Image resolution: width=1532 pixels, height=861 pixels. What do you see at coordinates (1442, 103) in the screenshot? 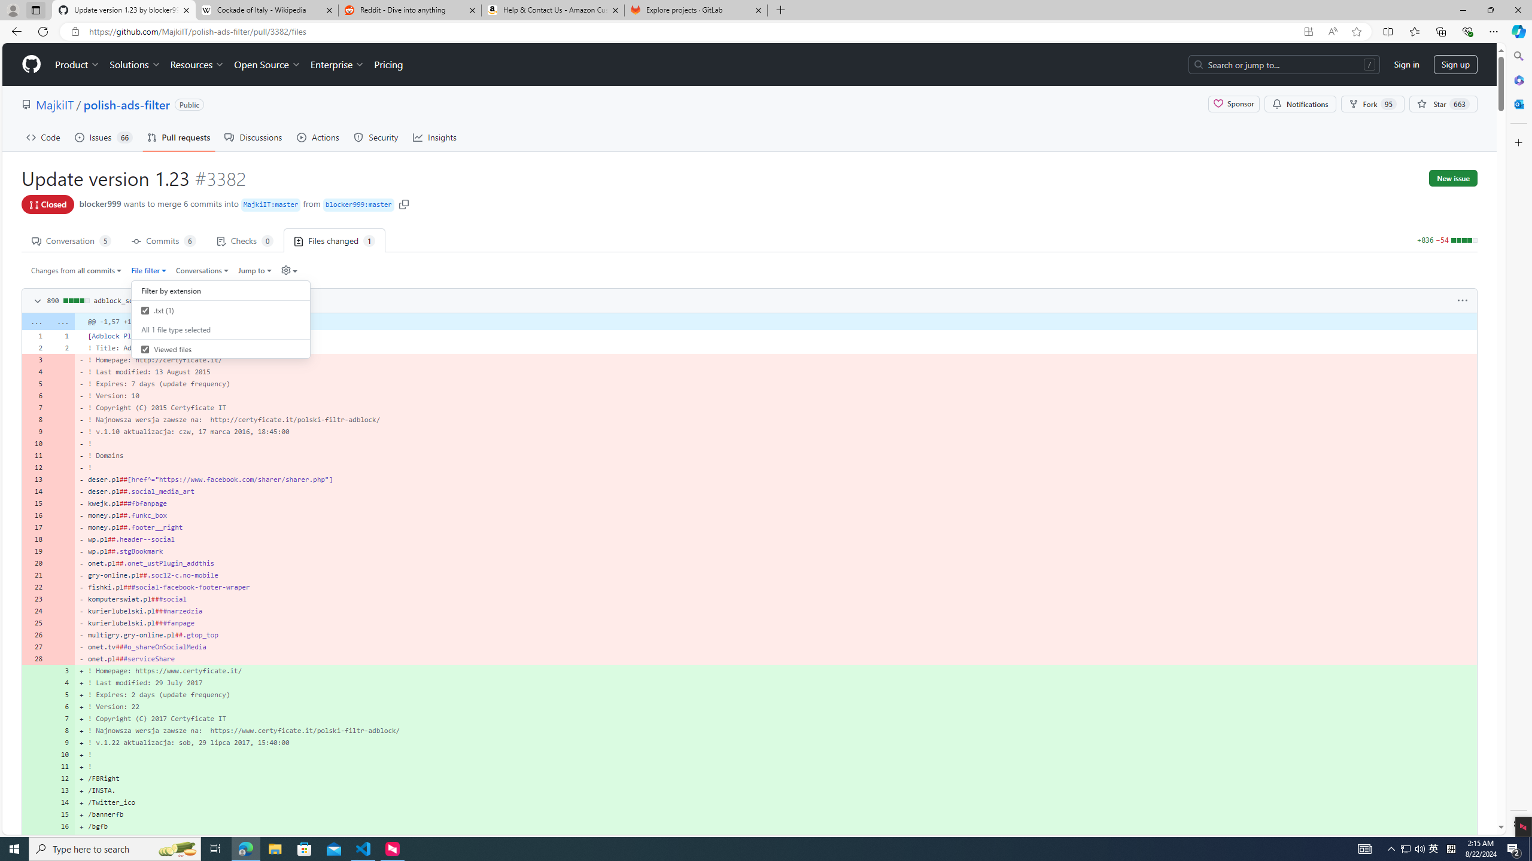
I see `'You must be signed in to star a repository'` at bounding box center [1442, 103].